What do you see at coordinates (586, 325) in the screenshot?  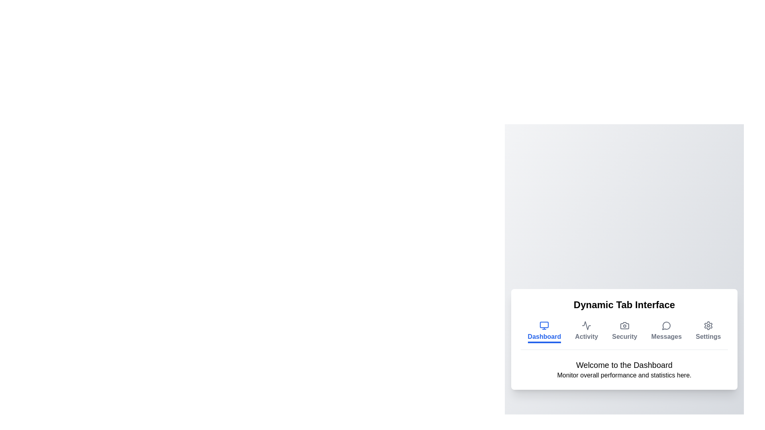 I see `the waveform icon in the 'Activity' tab` at bounding box center [586, 325].